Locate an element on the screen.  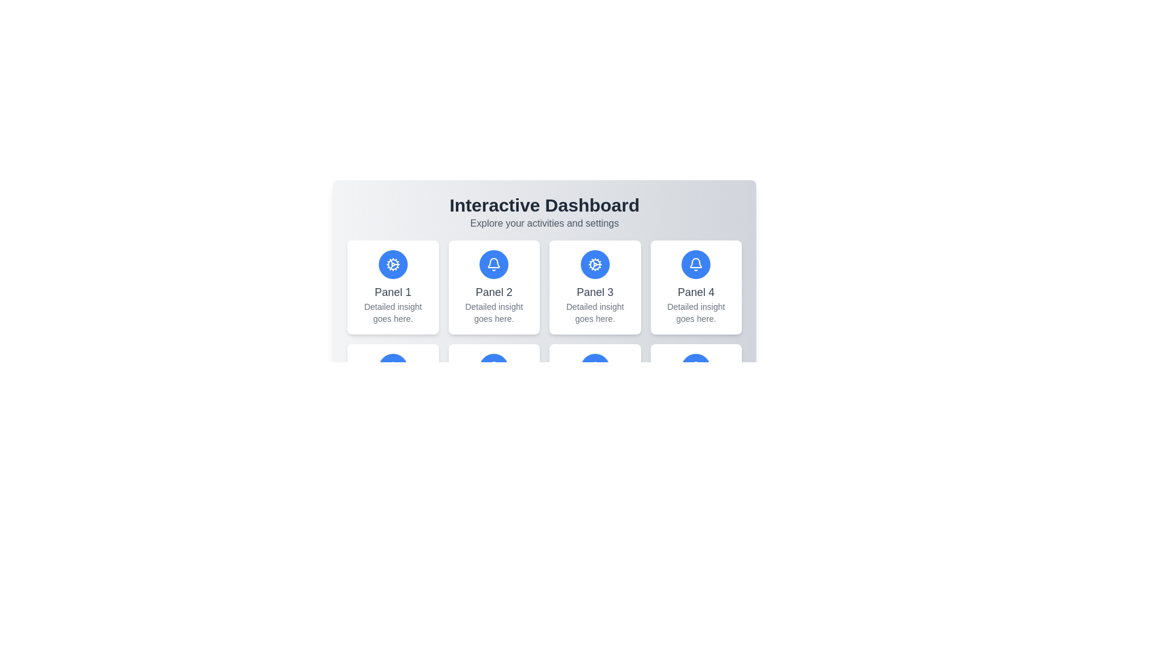
the informational card or panel located in the first row, third column of the dashboard interface, which provides detailed information is located at coordinates (595, 288).